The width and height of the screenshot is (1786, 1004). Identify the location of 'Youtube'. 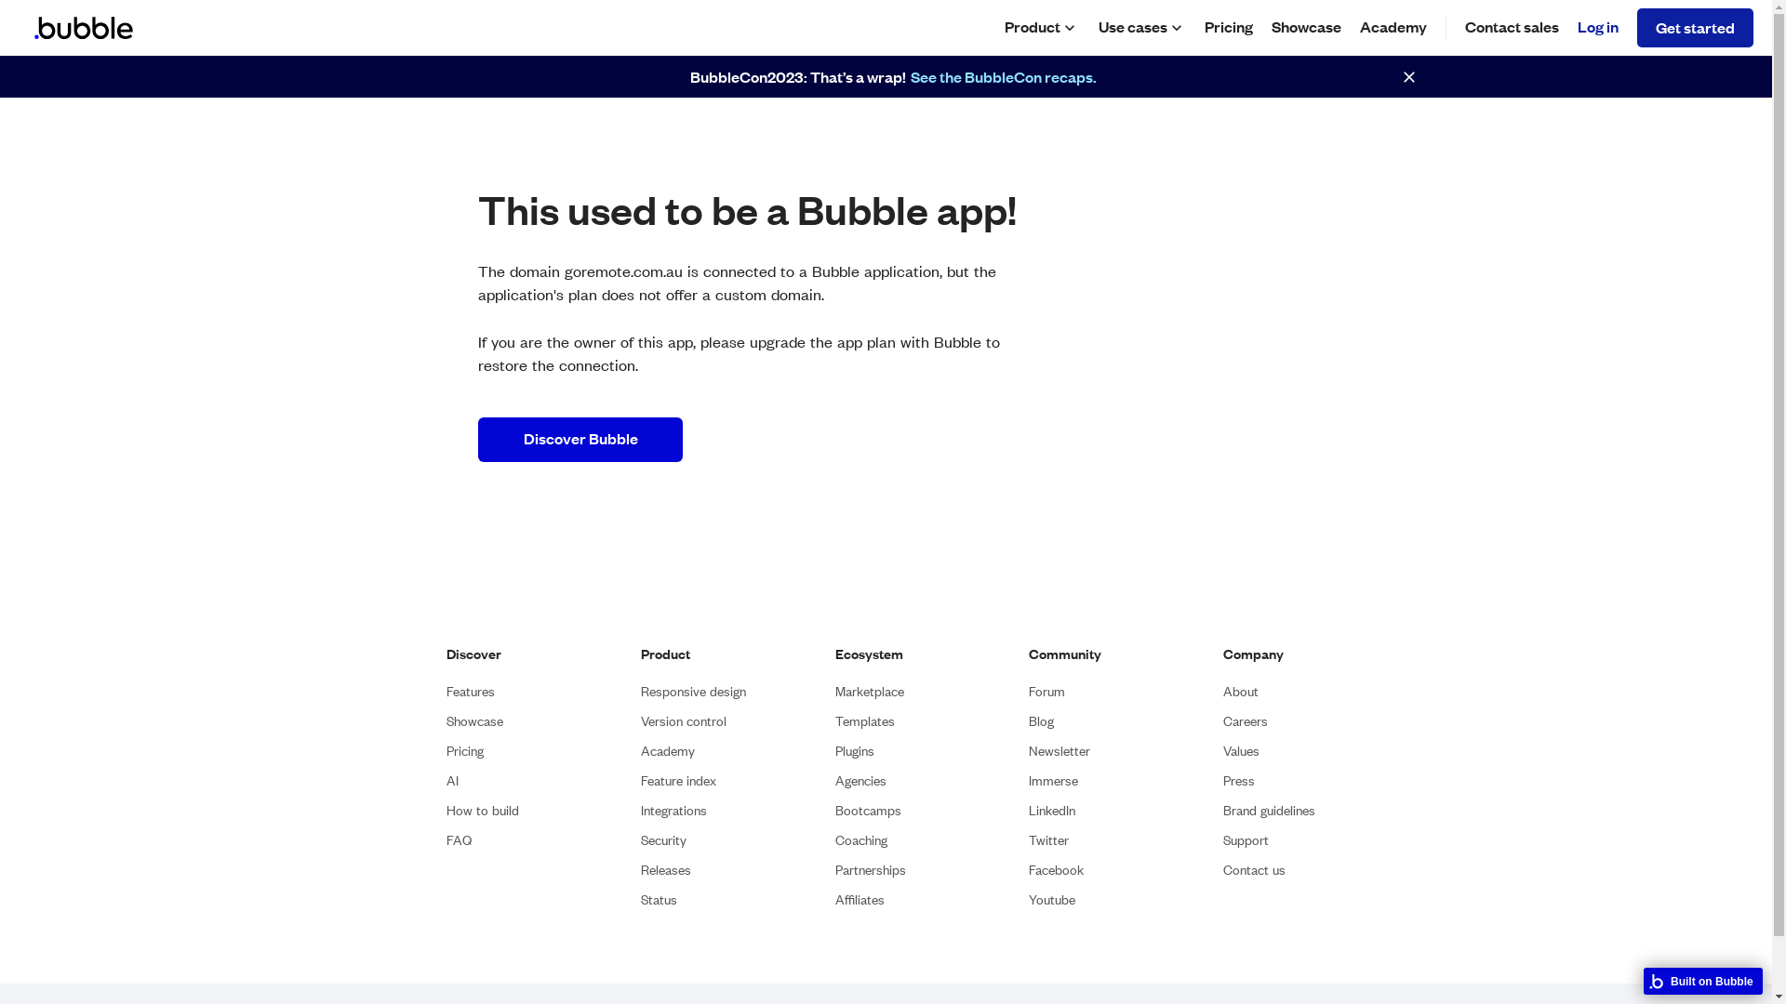
(1027, 898).